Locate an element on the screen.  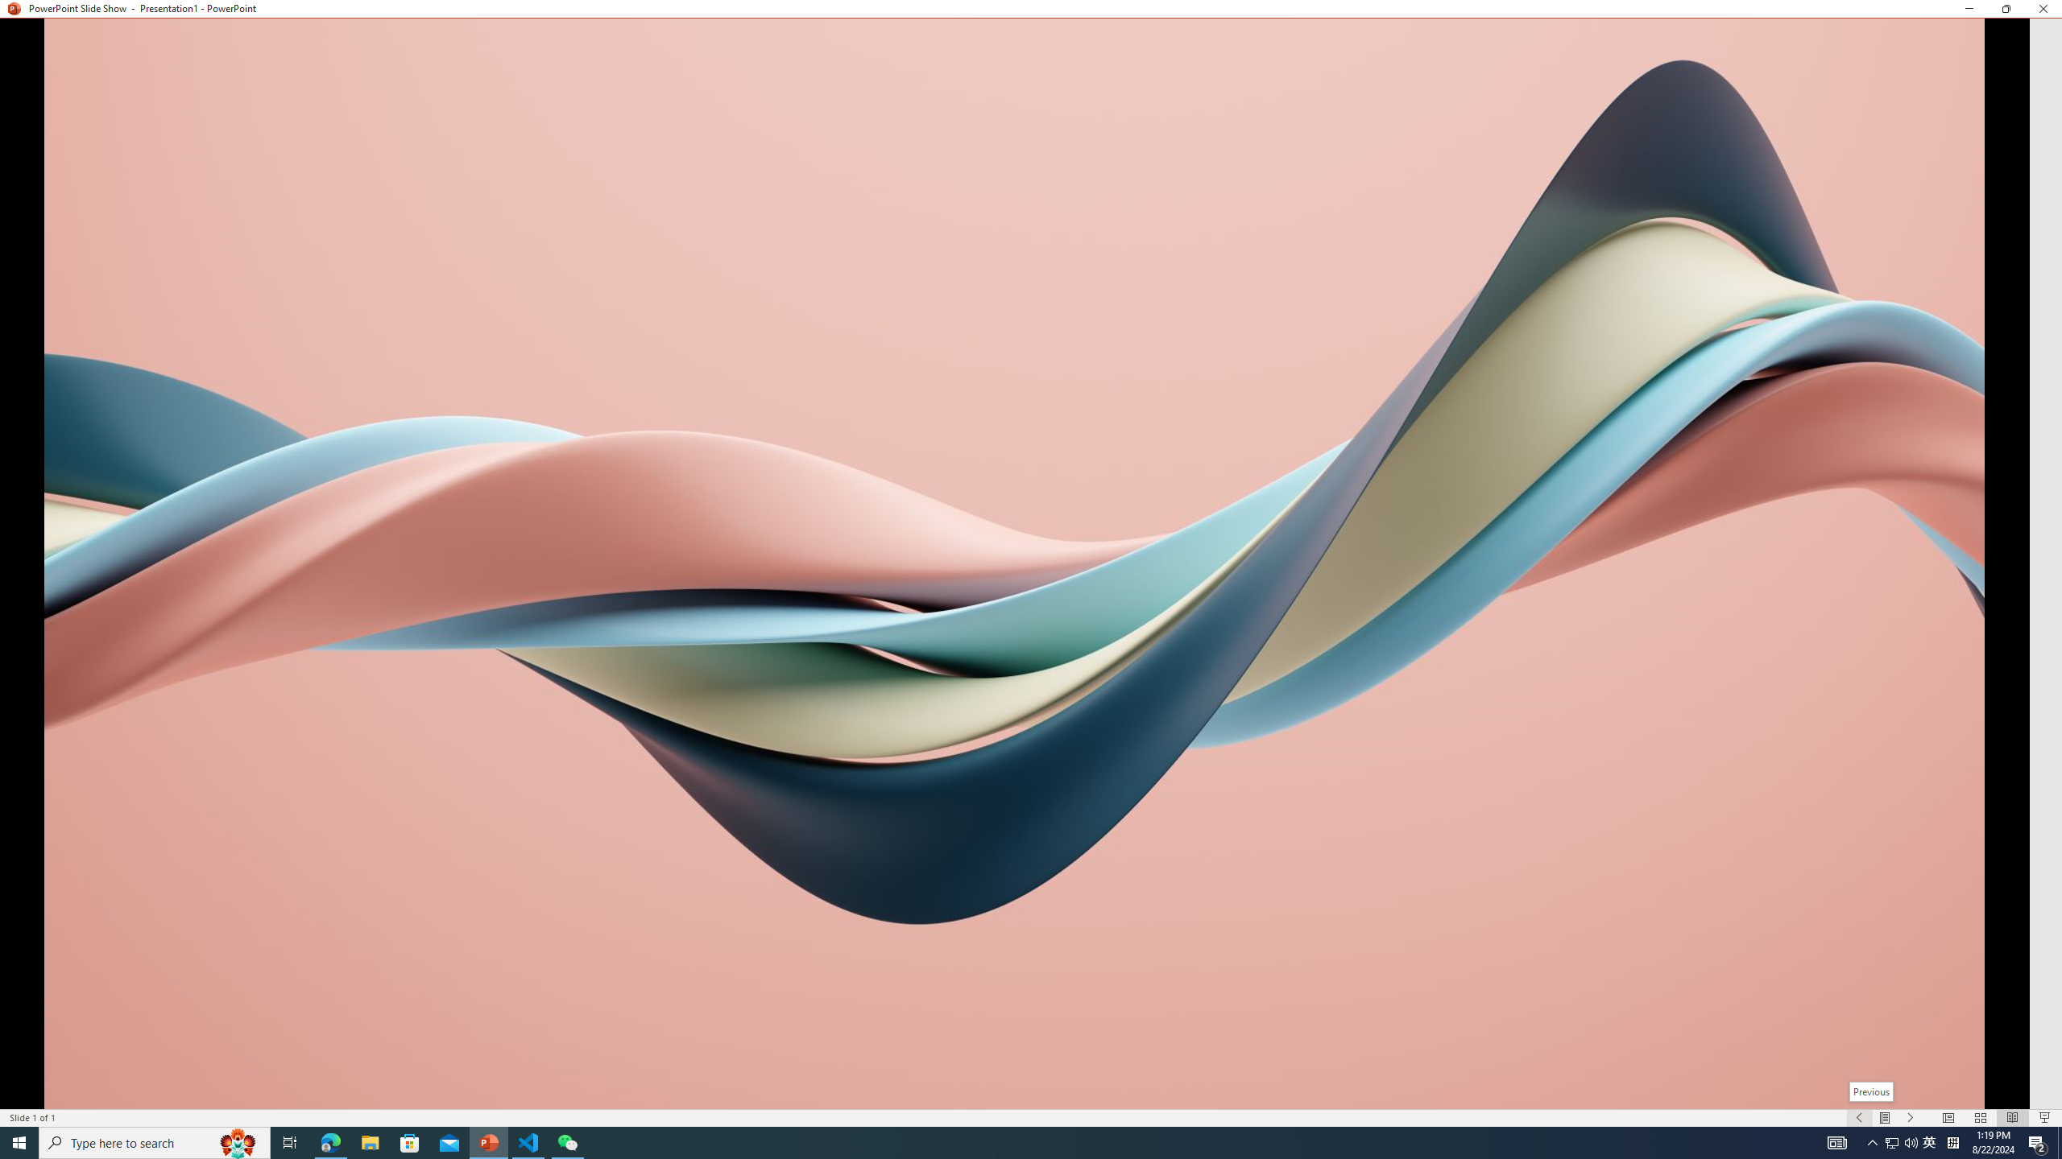
'Slide Show Next On' is located at coordinates (1911, 1118).